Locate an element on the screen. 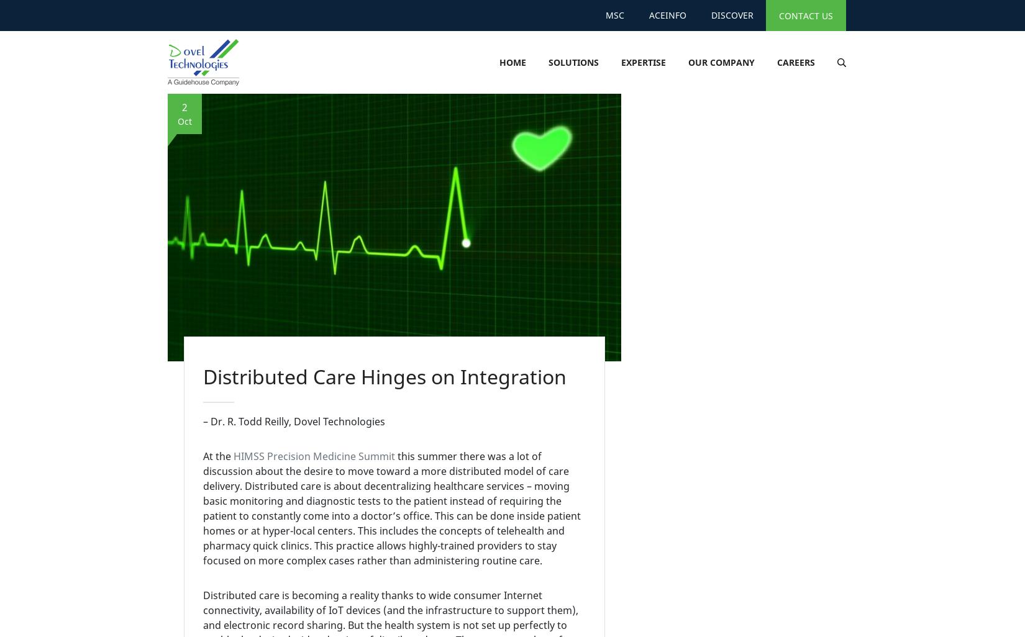 The width and height of the screenshot is (1025, 637). 'AceInfo' is located at coordinates (667, 15).